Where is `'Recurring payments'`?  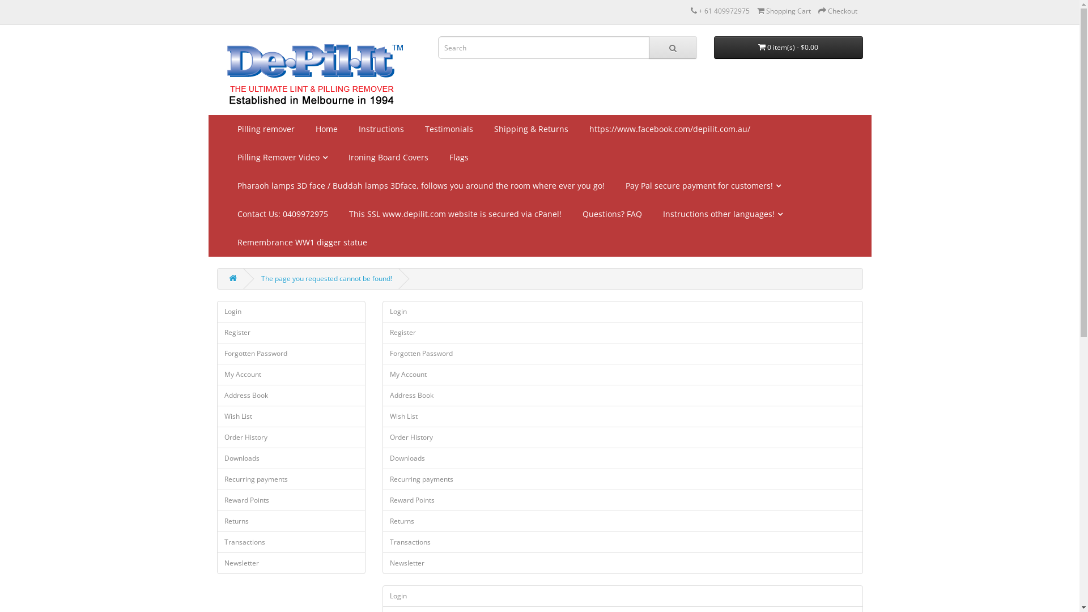
'Recurring payments' is located at coordinates (291, 479).